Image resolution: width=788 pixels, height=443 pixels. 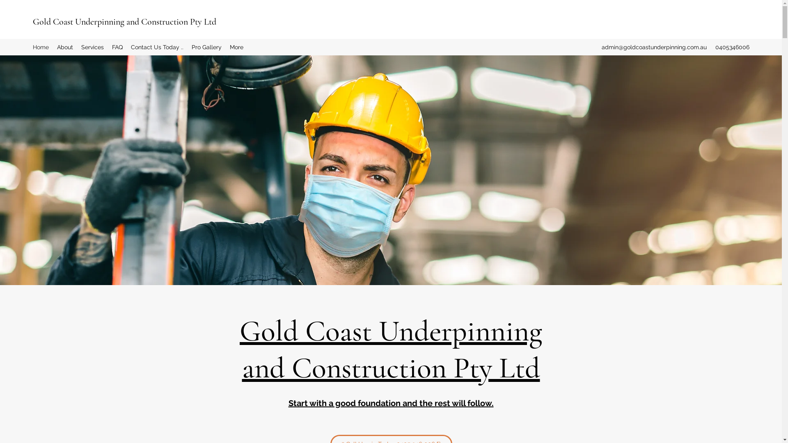 What do you see at coordinates (601, 47) in the screenshot?
I see `'admin@goldcoastunderpinning.com.au'` at bounding box center [601, 47].